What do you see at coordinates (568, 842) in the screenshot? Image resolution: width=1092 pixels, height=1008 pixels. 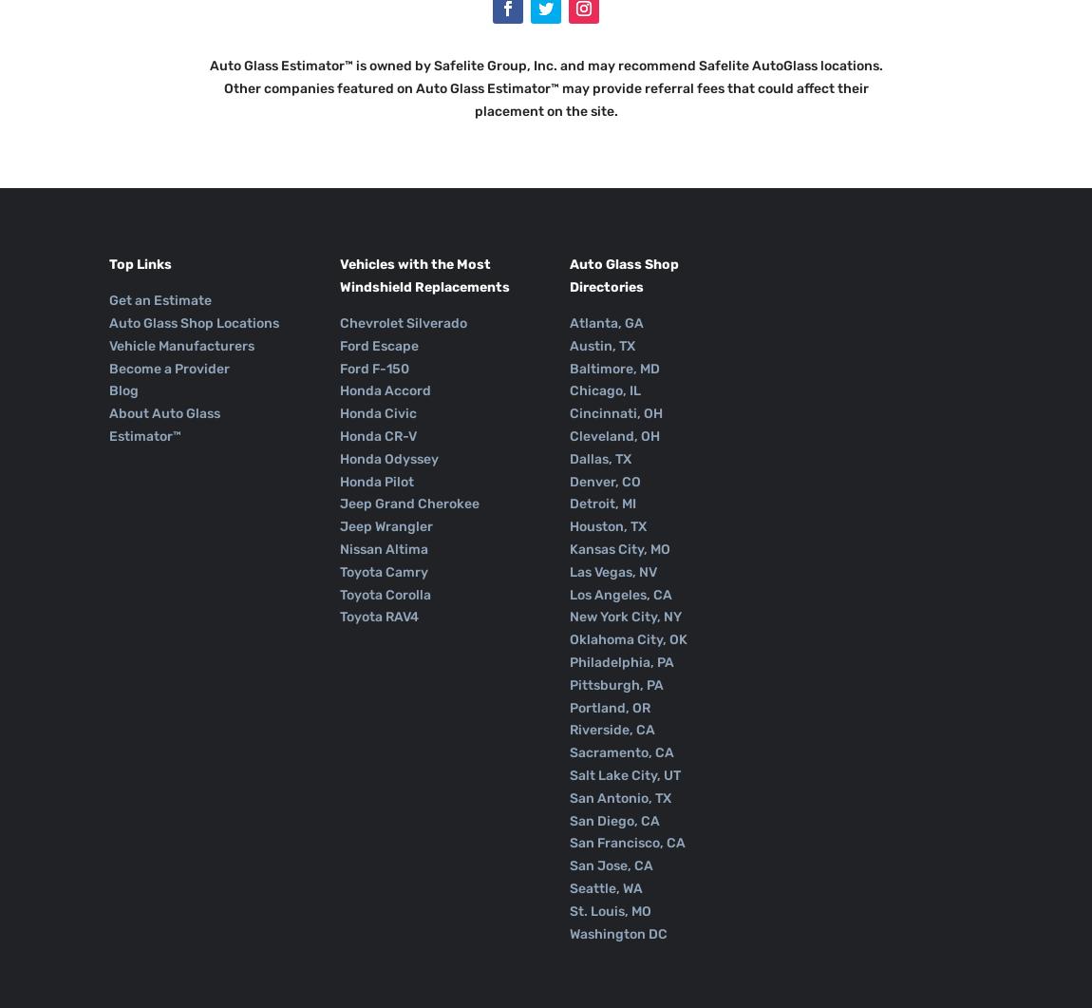 I see `'San Francisco, CA'` at bounding box center [568, 842].